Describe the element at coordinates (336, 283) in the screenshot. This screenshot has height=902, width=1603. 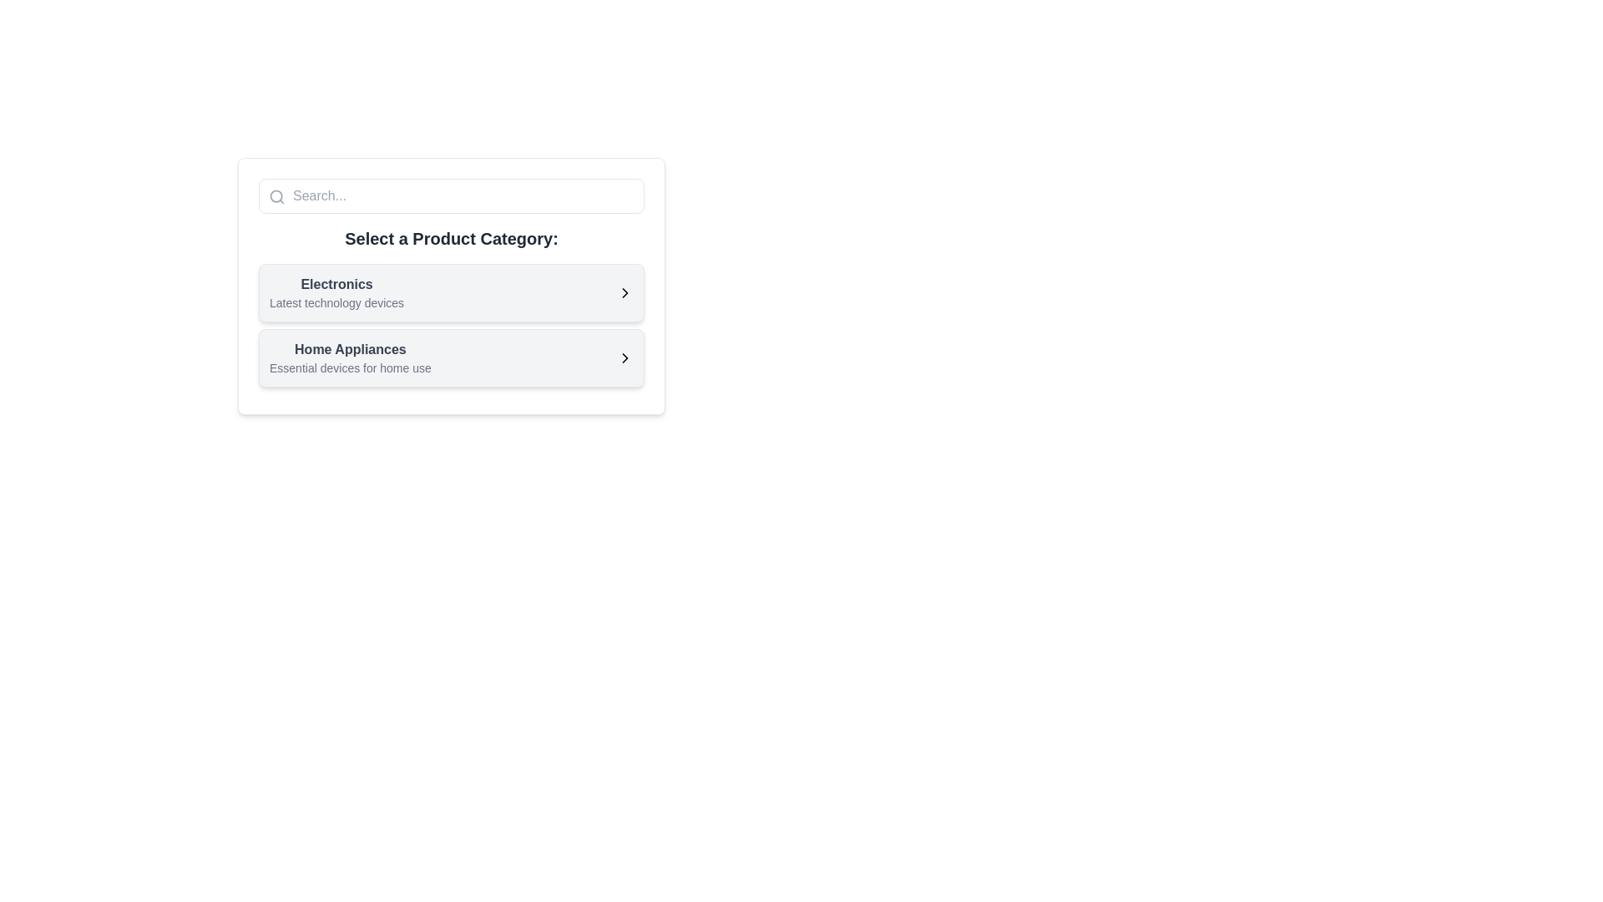
I see `the Text label element that contains the word 'Electronics' styled in bold font and dark gray color, positioned at the top of the Electronics section` at that location.